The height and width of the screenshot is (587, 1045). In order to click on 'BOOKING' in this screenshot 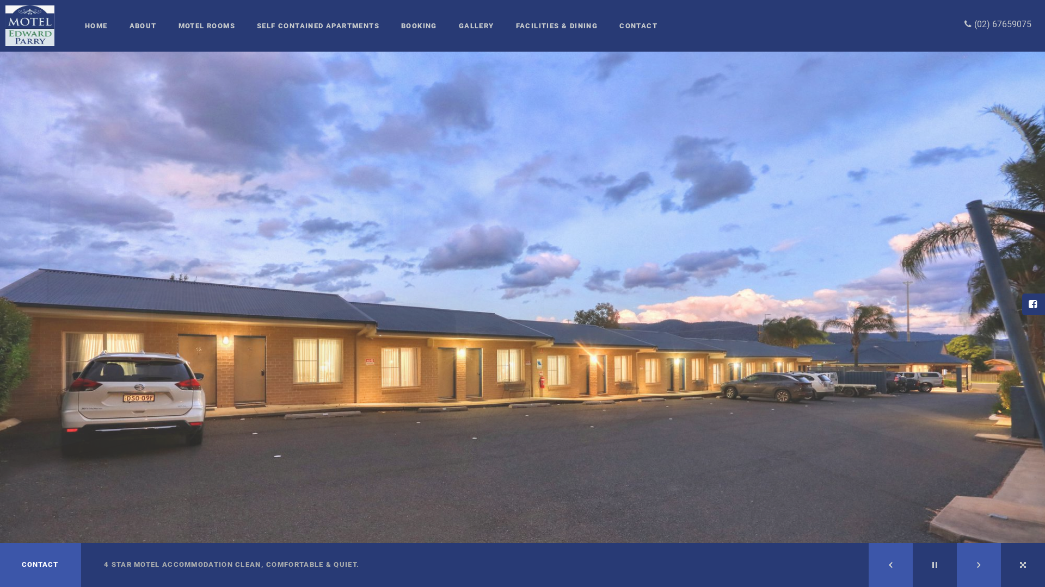, I will do `click(418, 25)`.